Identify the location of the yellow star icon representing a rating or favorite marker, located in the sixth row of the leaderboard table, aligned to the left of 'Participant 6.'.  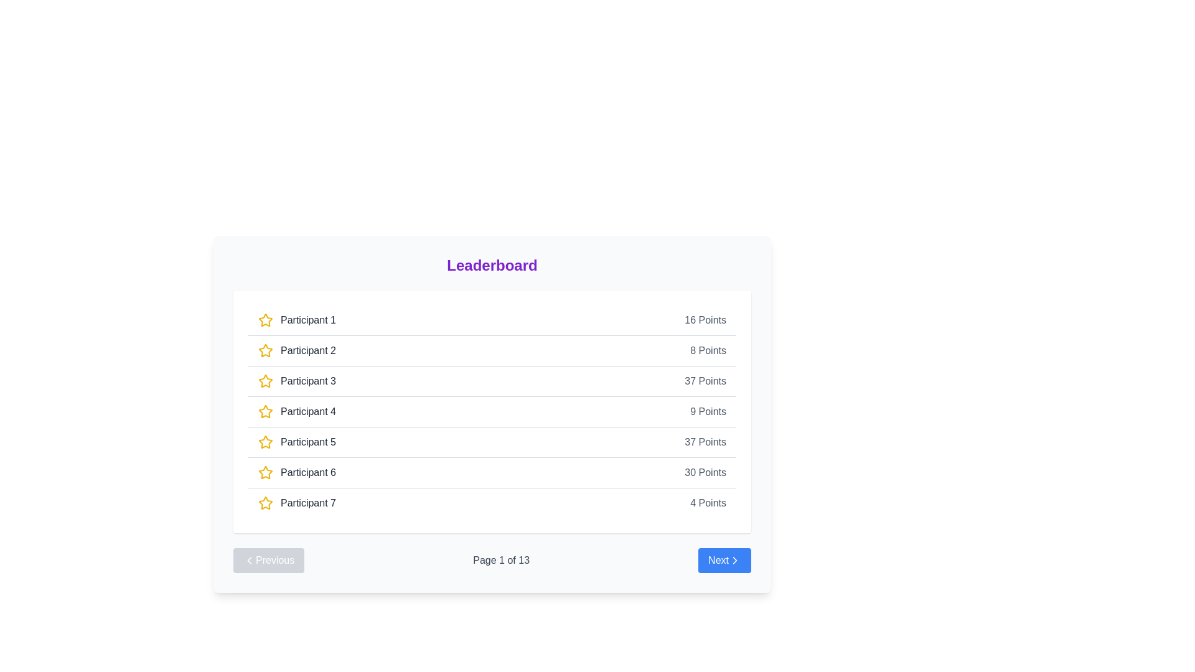
(265, 472).